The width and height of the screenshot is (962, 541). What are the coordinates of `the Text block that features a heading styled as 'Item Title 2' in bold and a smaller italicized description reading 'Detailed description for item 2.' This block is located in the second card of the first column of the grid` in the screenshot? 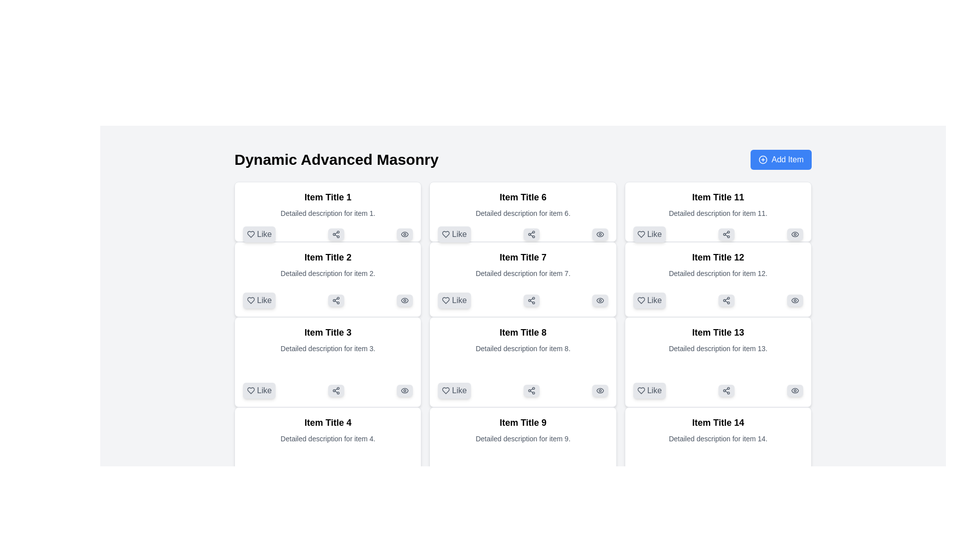 It's located at (328, 266).